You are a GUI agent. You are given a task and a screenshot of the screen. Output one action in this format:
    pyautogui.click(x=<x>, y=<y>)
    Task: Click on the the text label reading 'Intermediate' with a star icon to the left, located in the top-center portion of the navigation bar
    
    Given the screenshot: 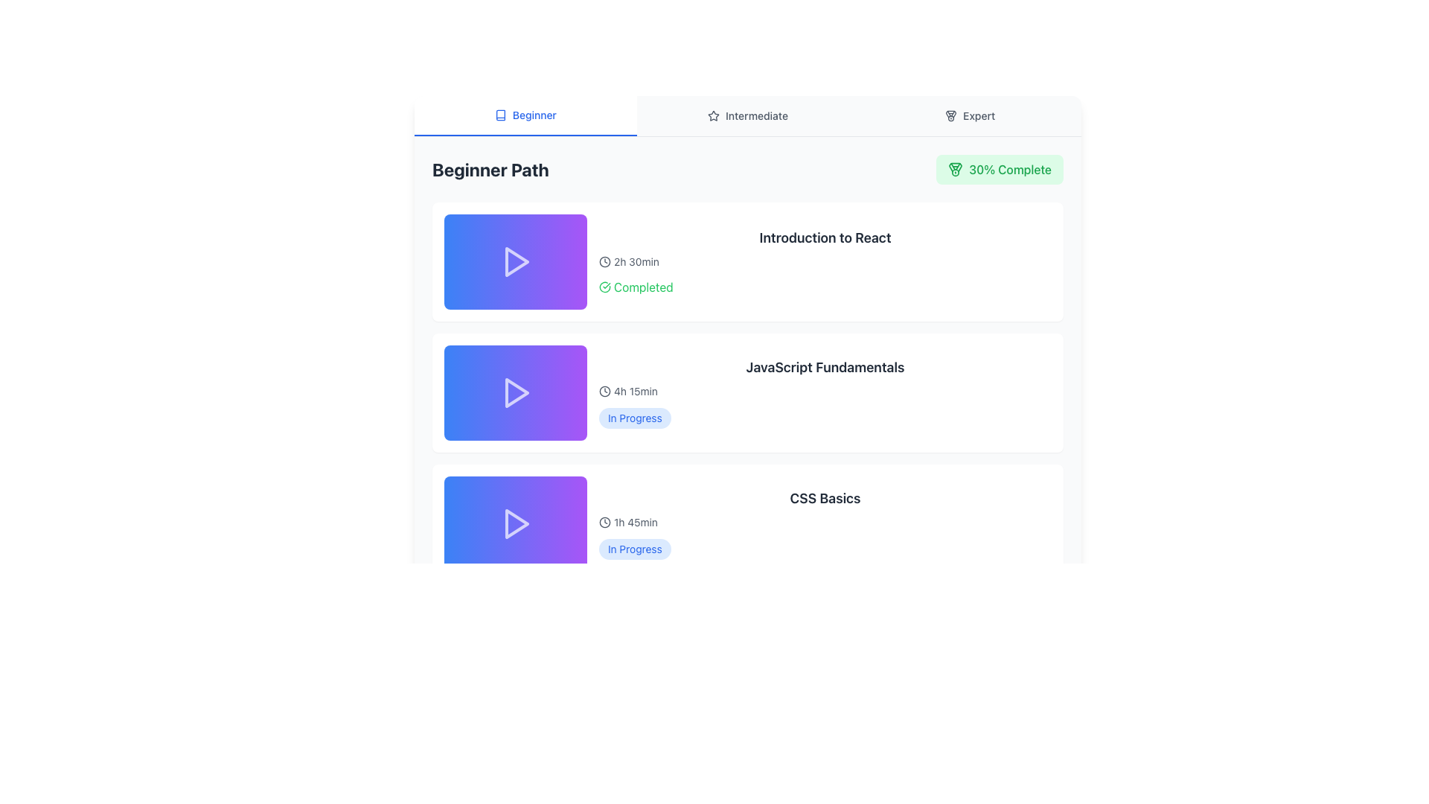 What is the action you would take?
    pyautogui.click(x=747, y=115)
    